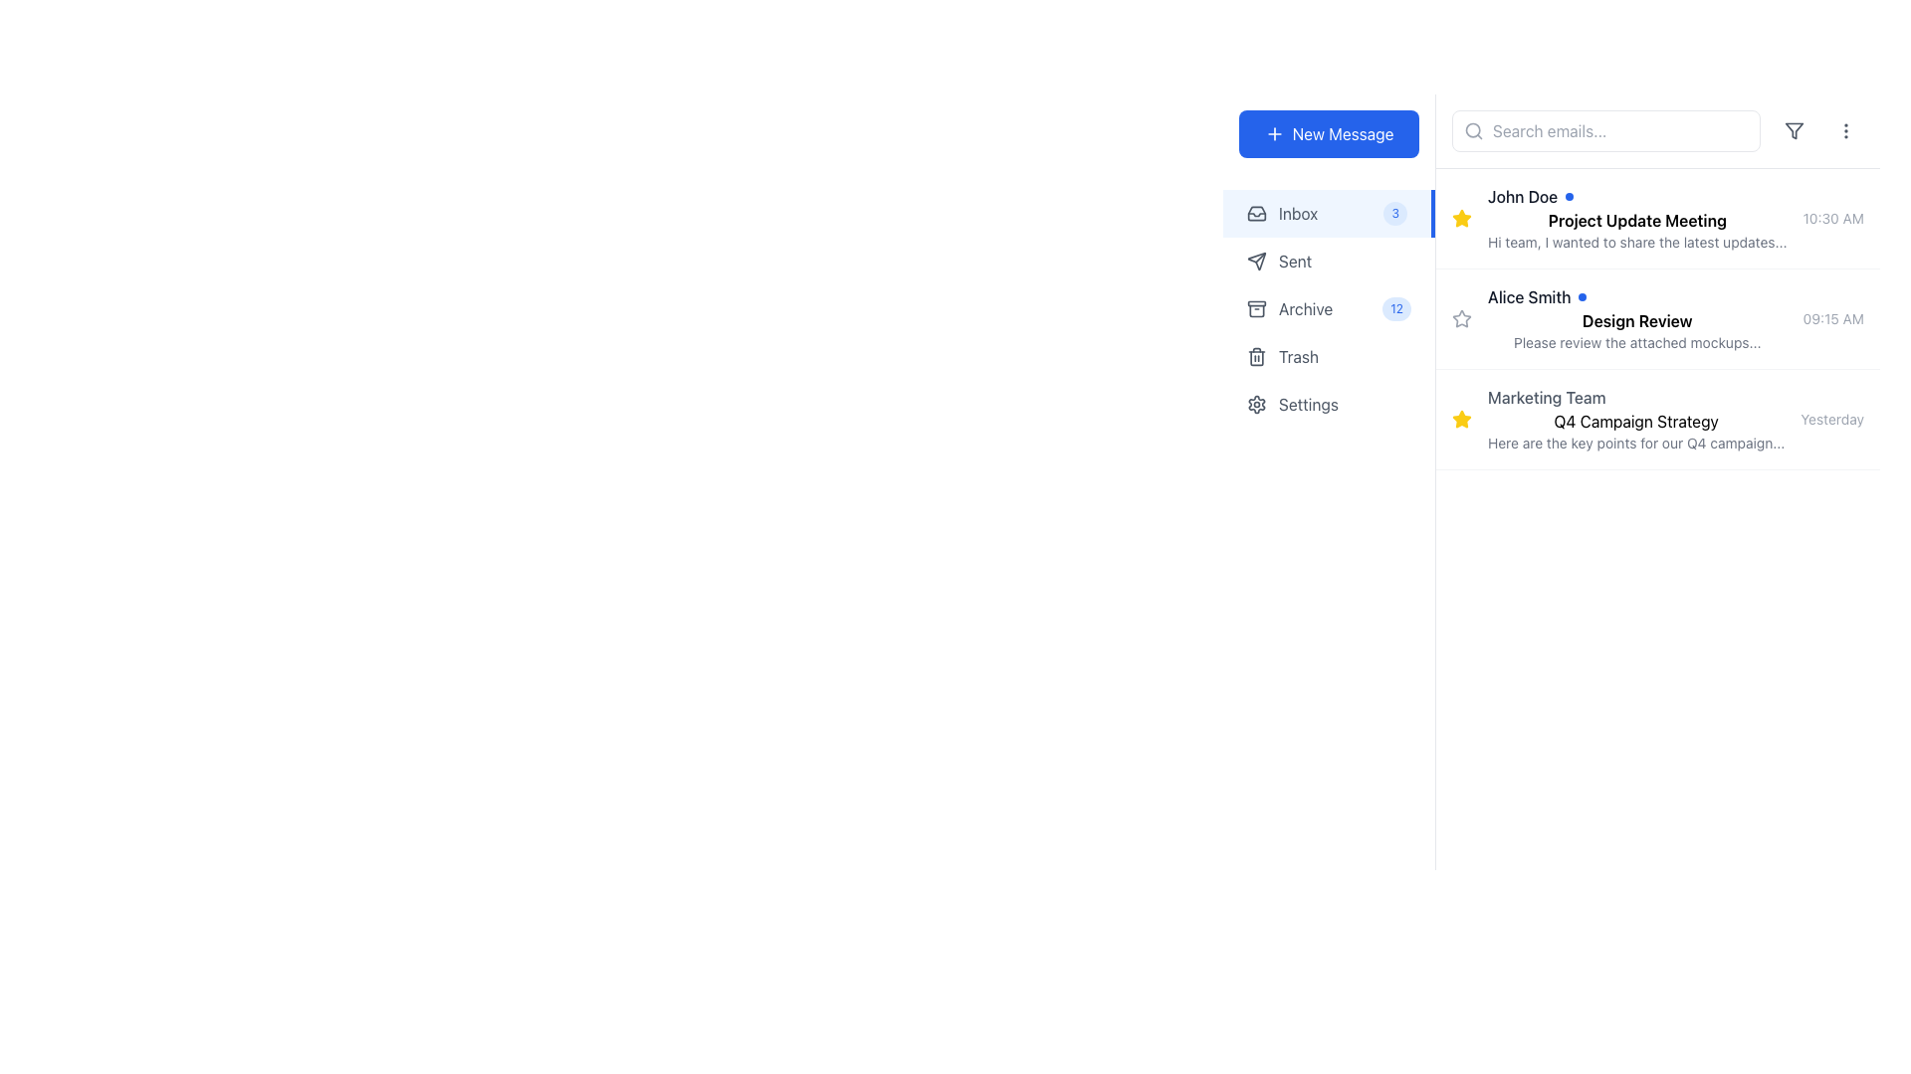 The image size is (1911, 1074). Describe the element at coordinates (1255, 260) in the screenshot. I see `the 'Sent' icon located in the left-side panel, next to the 'Sent' label, which signifies the 'Sent' section of the menu` at that location.